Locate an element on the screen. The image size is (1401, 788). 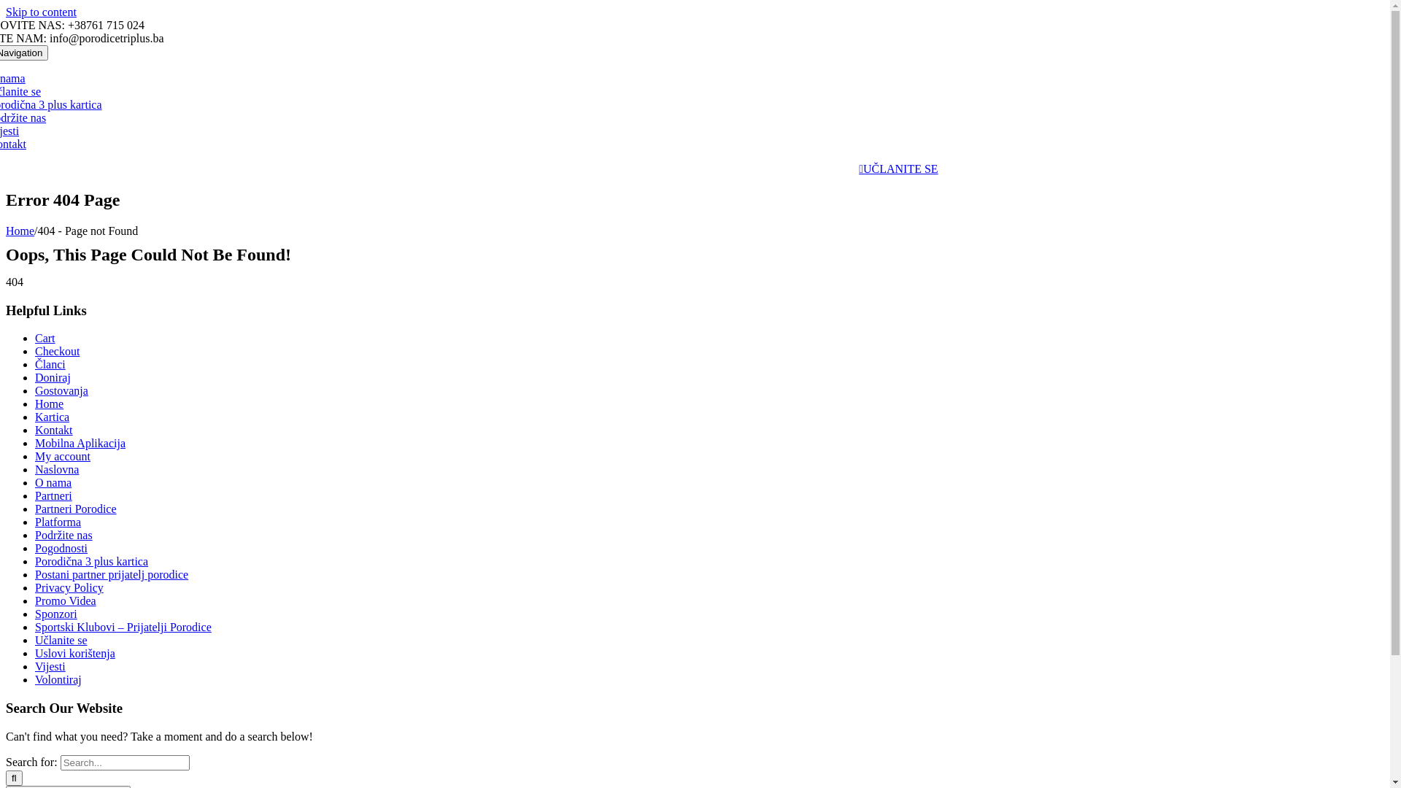
'Kartica' is located at coordinates (35, 417).